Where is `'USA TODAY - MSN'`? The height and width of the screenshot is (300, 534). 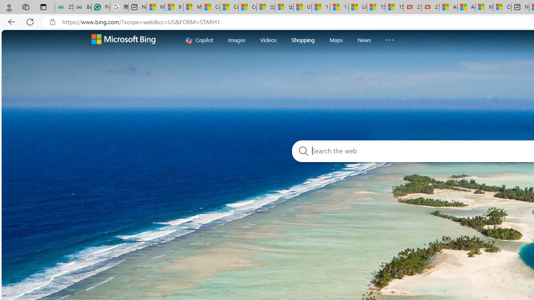 'USA TODAY - MSN' is located at coordinates (302, 7).